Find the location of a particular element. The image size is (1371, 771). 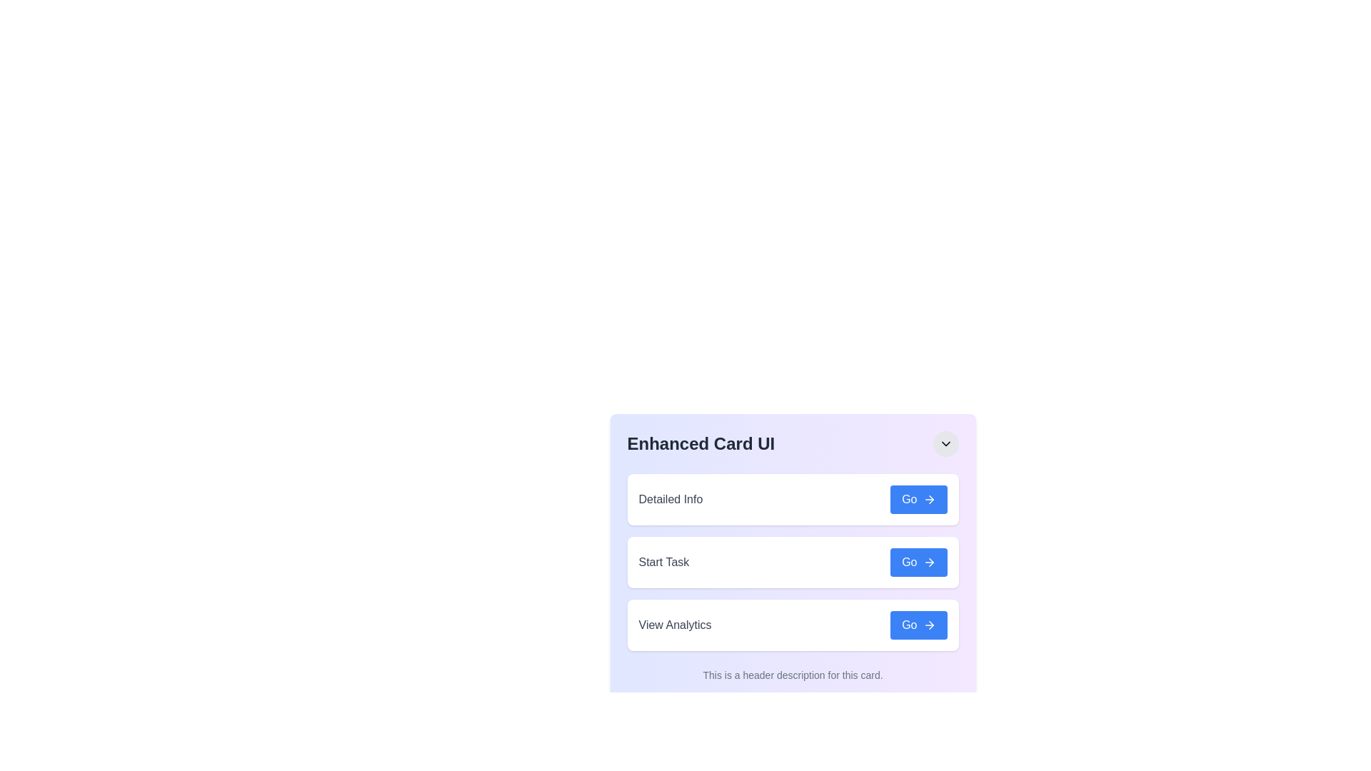

the down arrow icon located in the top-right corner of the 'Enhanced Card UI' is located at coordinates (945, 443).